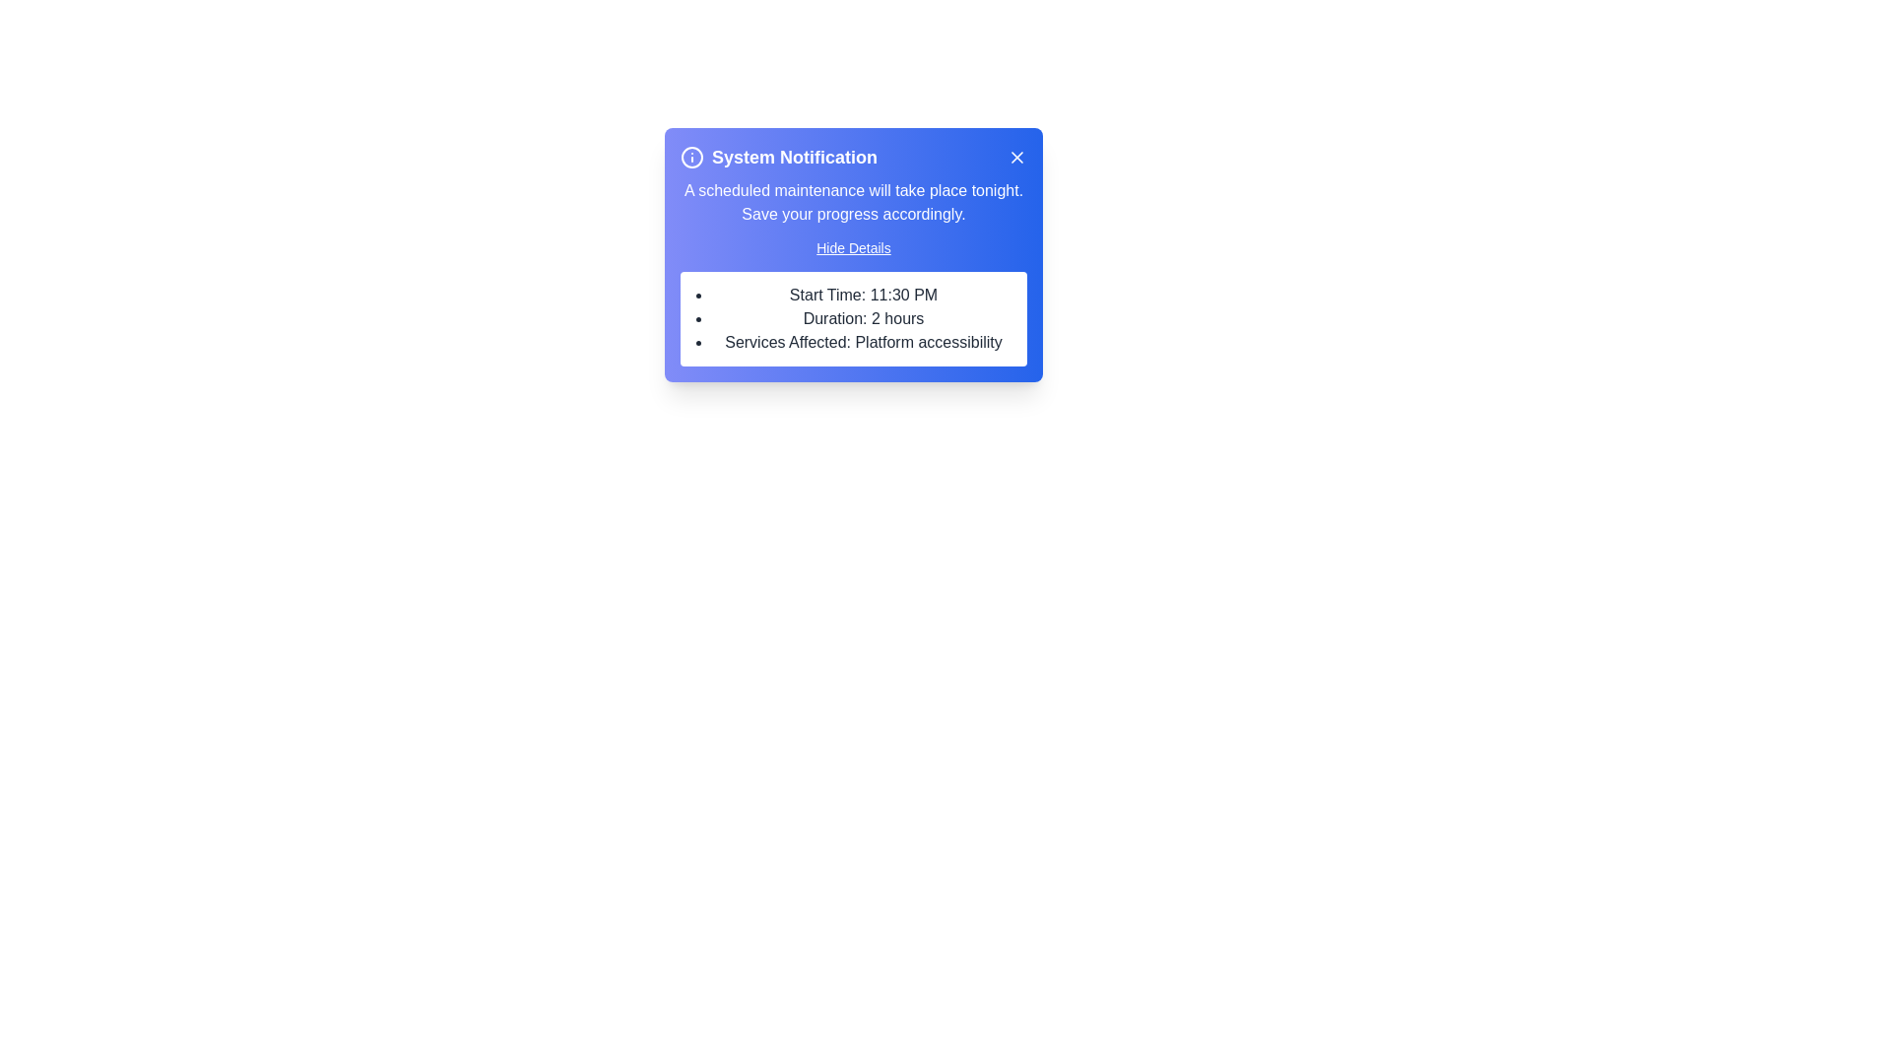  What do you see at coordinates (691, 156) in the screenshot?
I see `'info' icon to interact with it` at bounding box center [691, 156].